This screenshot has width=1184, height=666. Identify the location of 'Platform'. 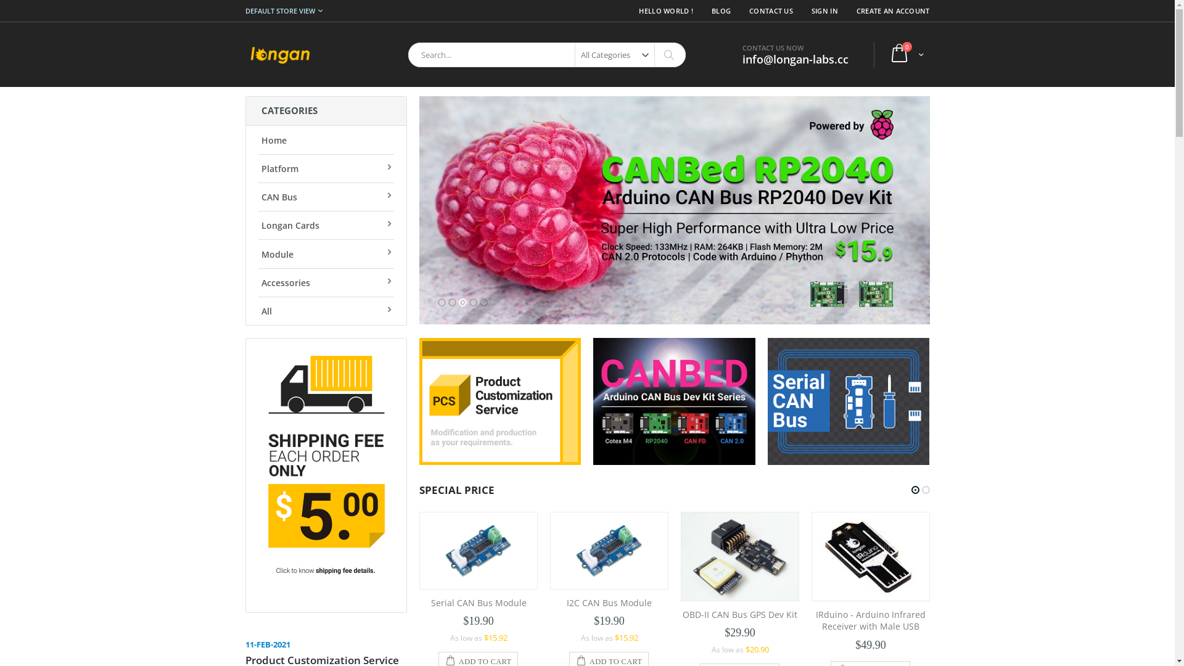
(326, 168).